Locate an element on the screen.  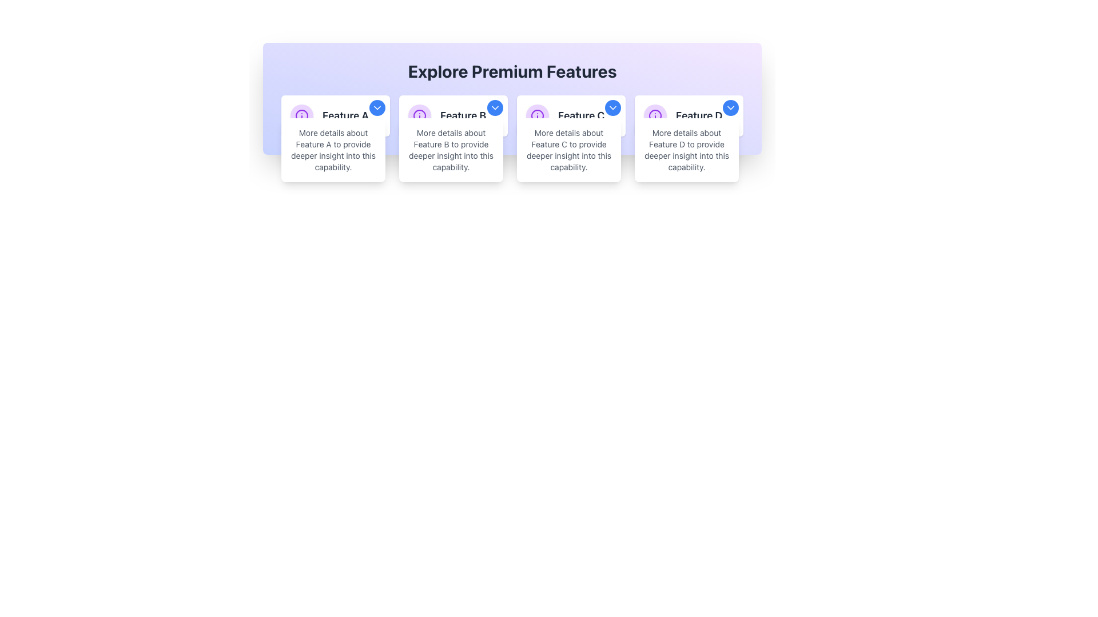
the 'Feature D' text label, which is styled with a bold font and dark gray color, located next to a circular icon within a group of feature items is located at coordinates (698, 116).